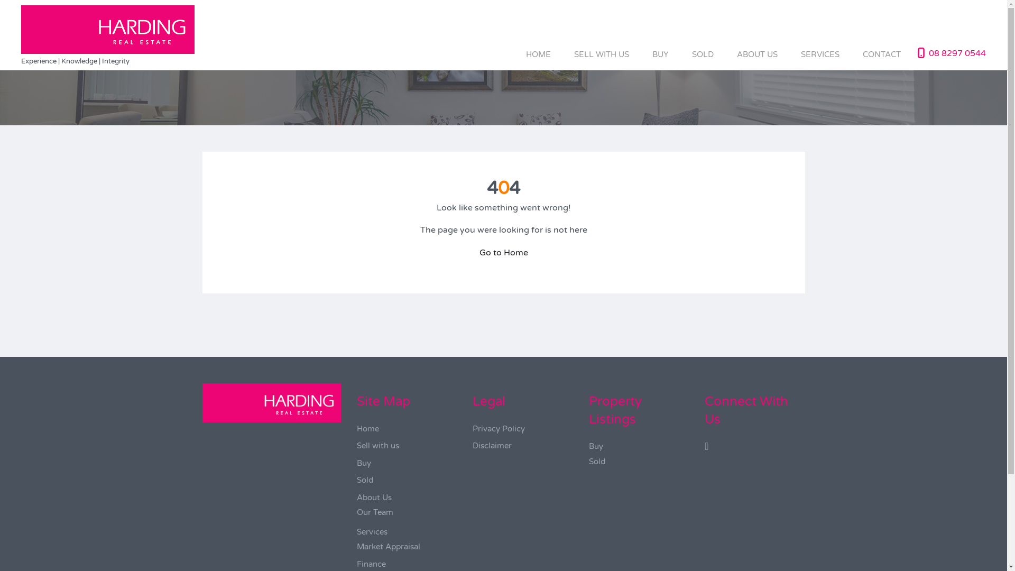 Image resolution: width=1015 pixels, height=571 pixels. What do you see at coordinates (597, 461) in the screenshot?
I see `'Sold'` at bounding box center [597, 461].